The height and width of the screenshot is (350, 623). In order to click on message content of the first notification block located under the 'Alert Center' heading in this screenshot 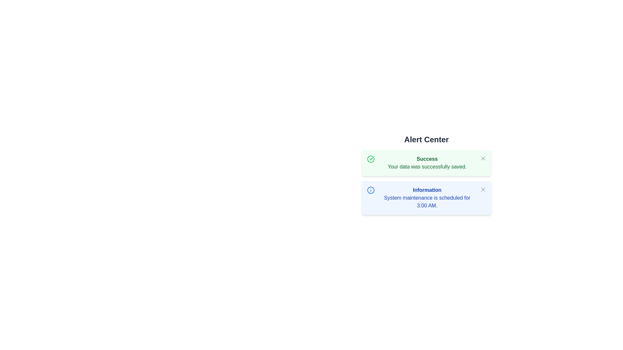, I will do `click(426, 162)`.